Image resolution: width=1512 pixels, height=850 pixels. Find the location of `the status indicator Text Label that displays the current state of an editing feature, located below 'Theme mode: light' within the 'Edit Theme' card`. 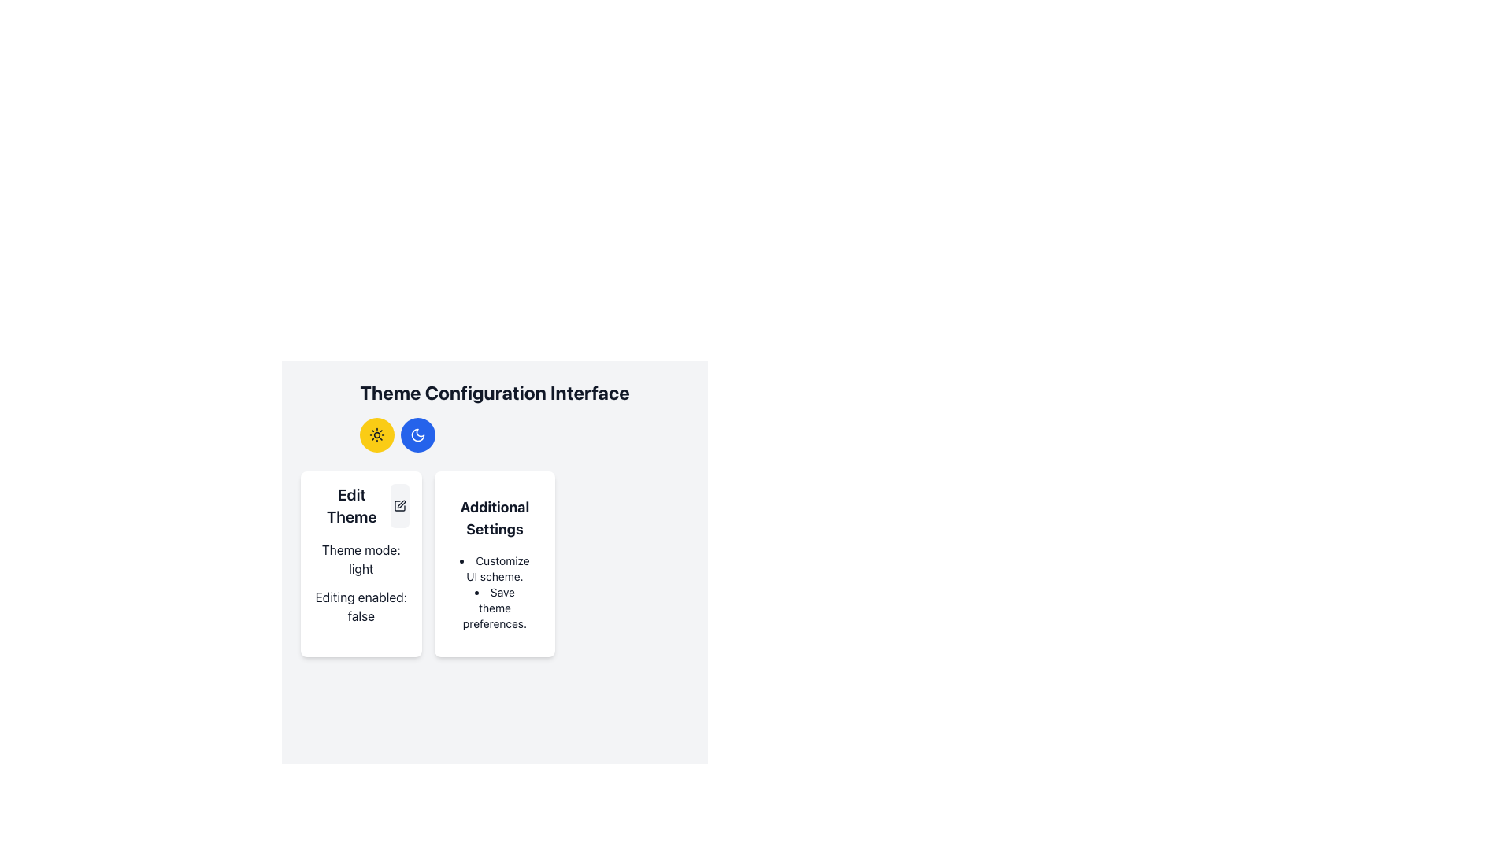

the status indicator Text Label that displays the current state of an editing feature, located below 'Theme mode: light' within the 'Edit Theme' card is located at coordinates (360, 606).